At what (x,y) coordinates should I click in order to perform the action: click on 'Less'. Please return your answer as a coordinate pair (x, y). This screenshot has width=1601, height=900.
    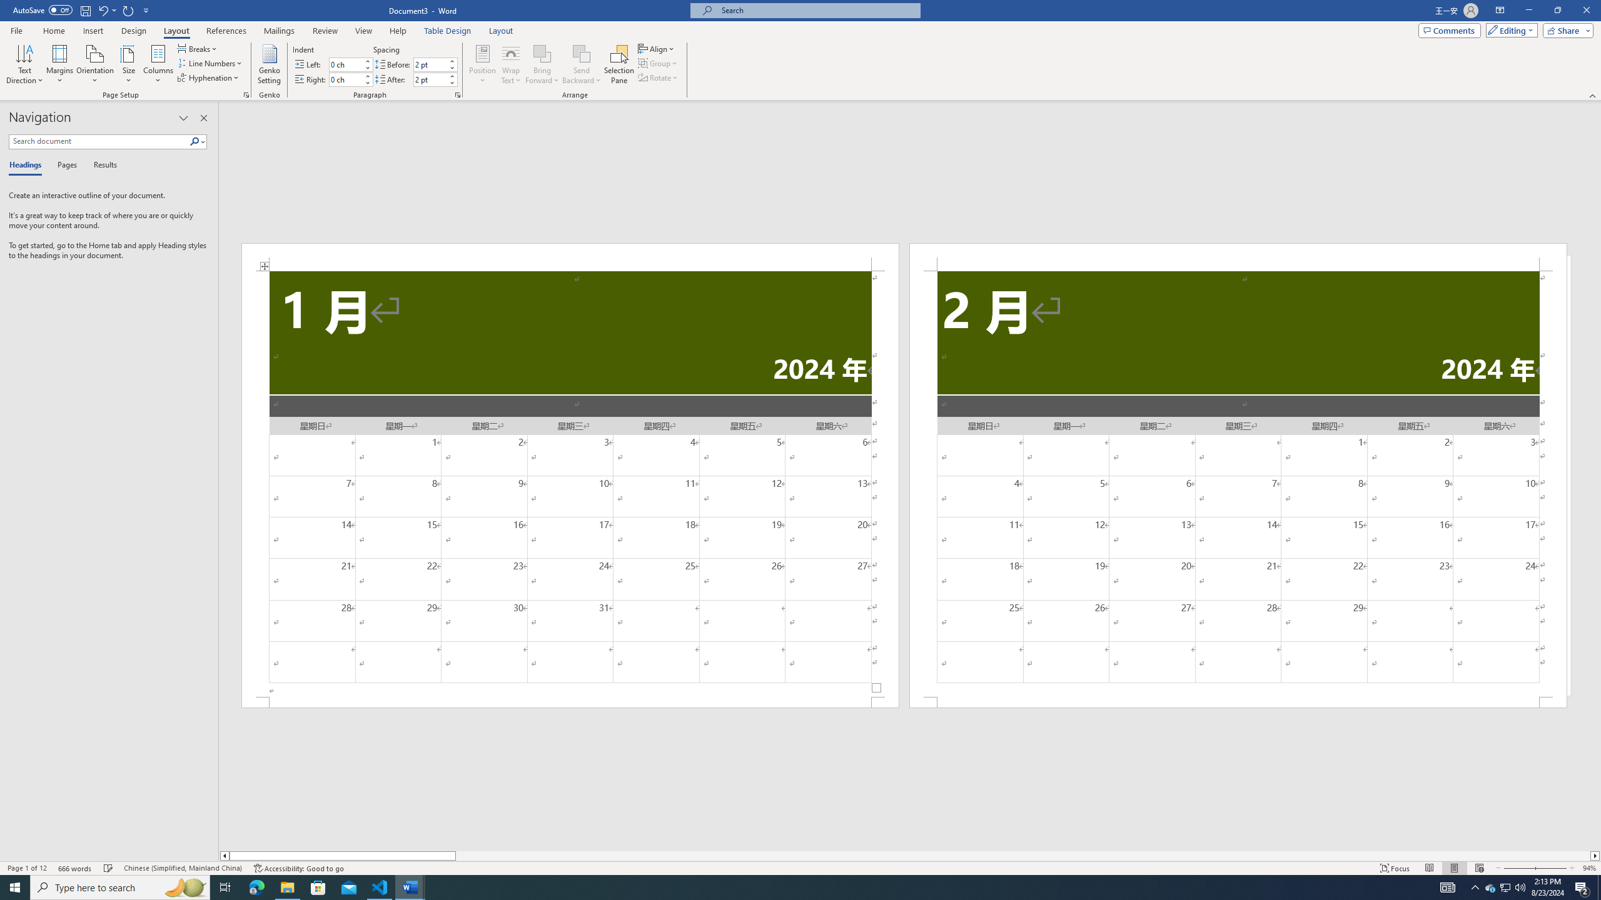
    Looking at the image, I should click on (452, 82).